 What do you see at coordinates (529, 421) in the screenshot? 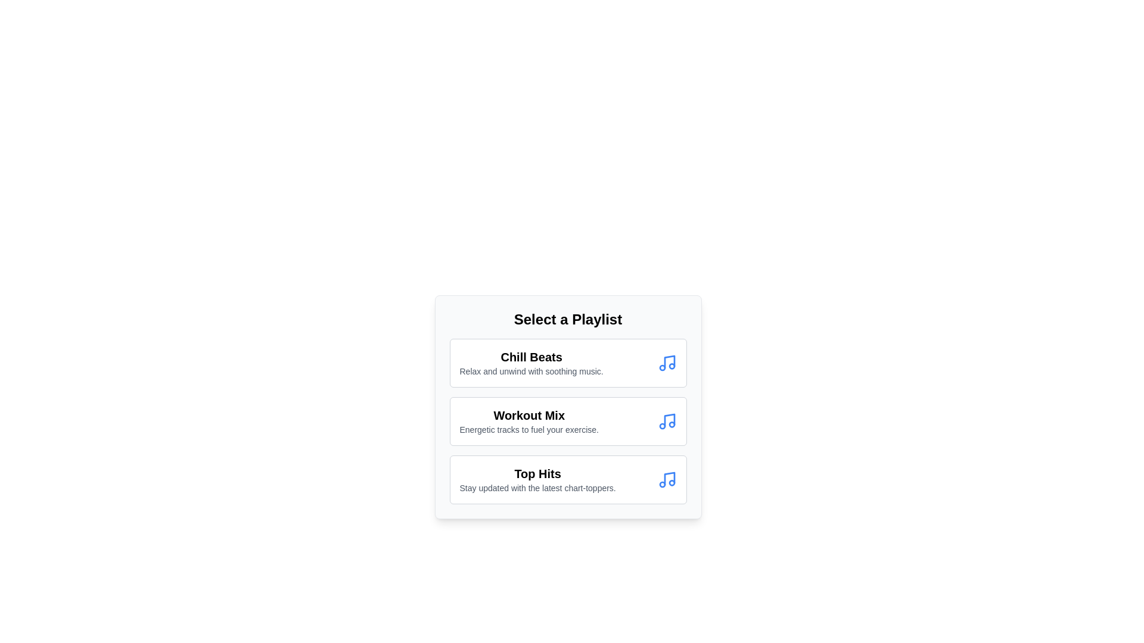
I see `text block displaying 'Workout Mix' with the description 'Energetic tracks to fuel your exercise.' which is the second item in the playlist selection interface` at bounding box center [529, 421].